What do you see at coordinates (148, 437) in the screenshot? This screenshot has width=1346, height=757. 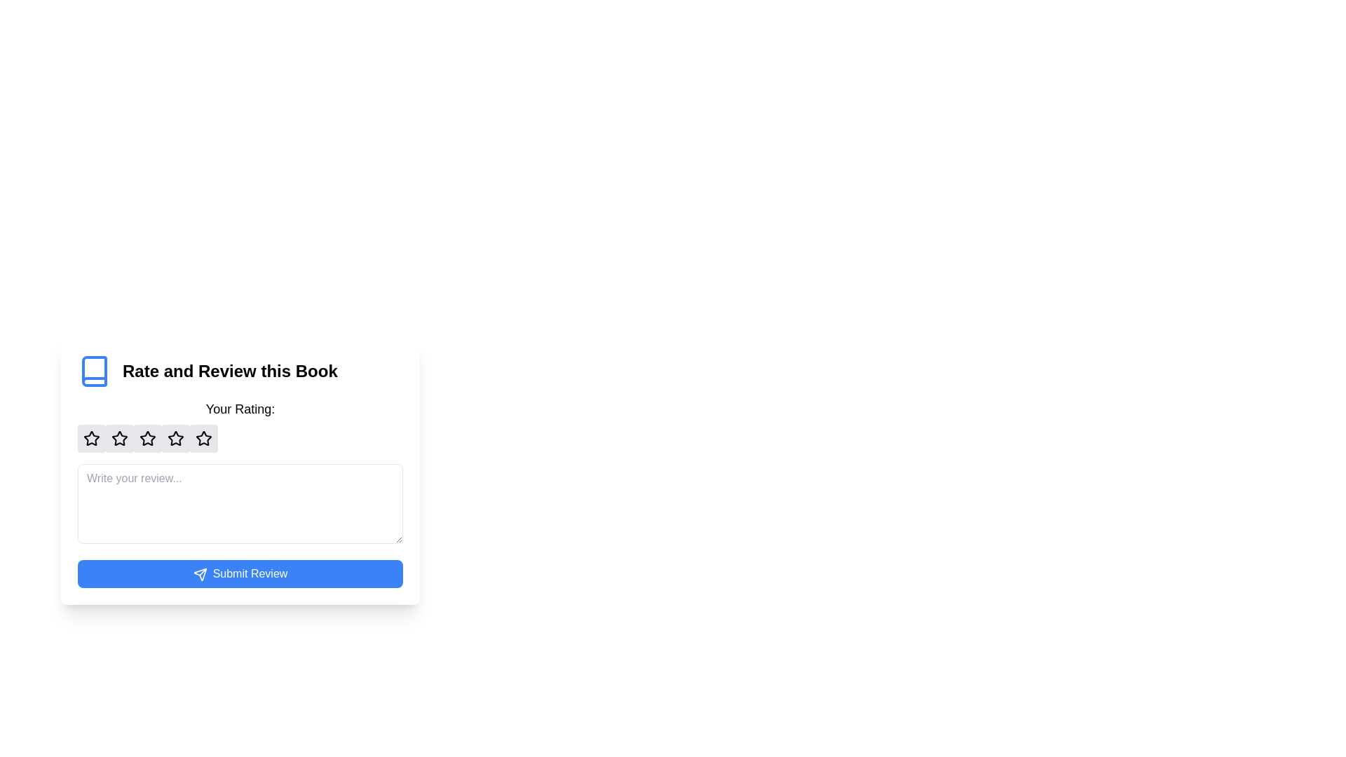 I see `the third star icon within the circular button of the star rating widget to rate it` at bounding box center [148, 437].